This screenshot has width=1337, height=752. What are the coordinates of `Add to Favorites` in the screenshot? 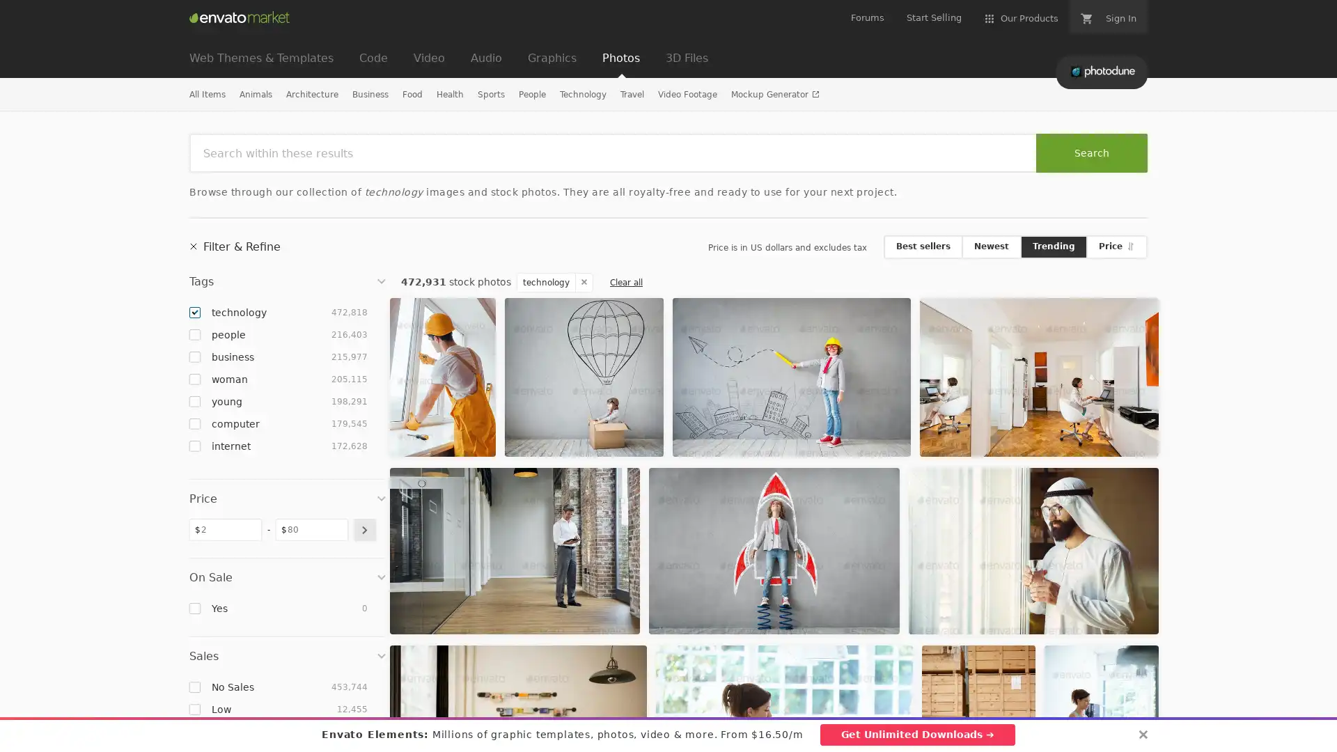 It's located at (1139, 662).